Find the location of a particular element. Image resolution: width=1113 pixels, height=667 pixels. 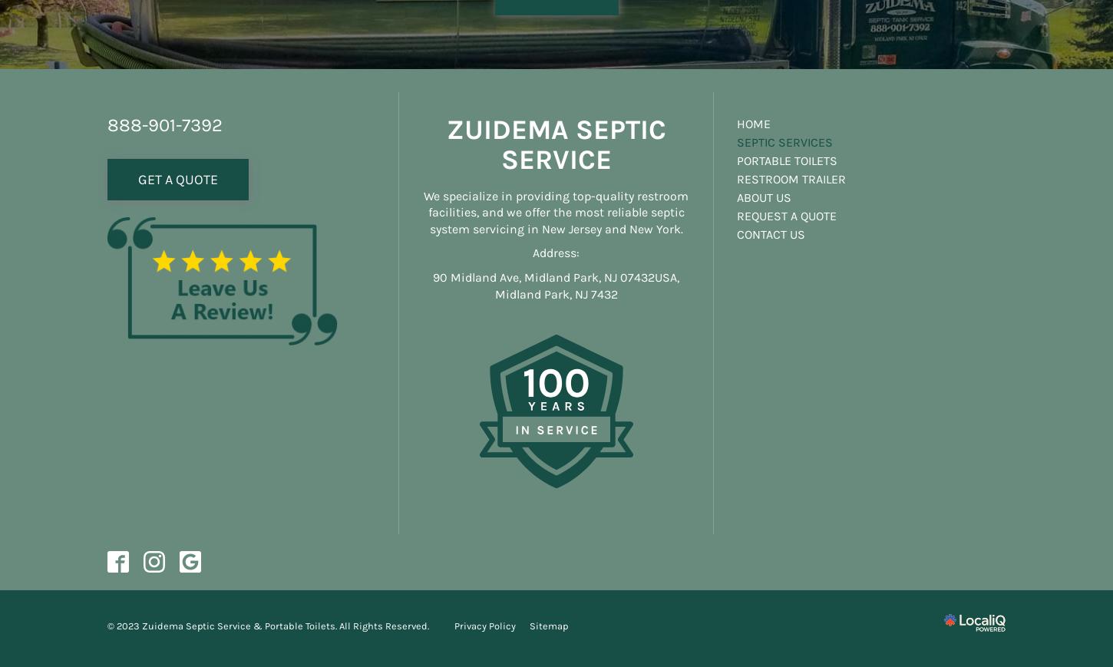

'© 2023 Zuidema Septic Service & Portable Toilets. All Rights Reserved.' is located at coordinates (268, 626).